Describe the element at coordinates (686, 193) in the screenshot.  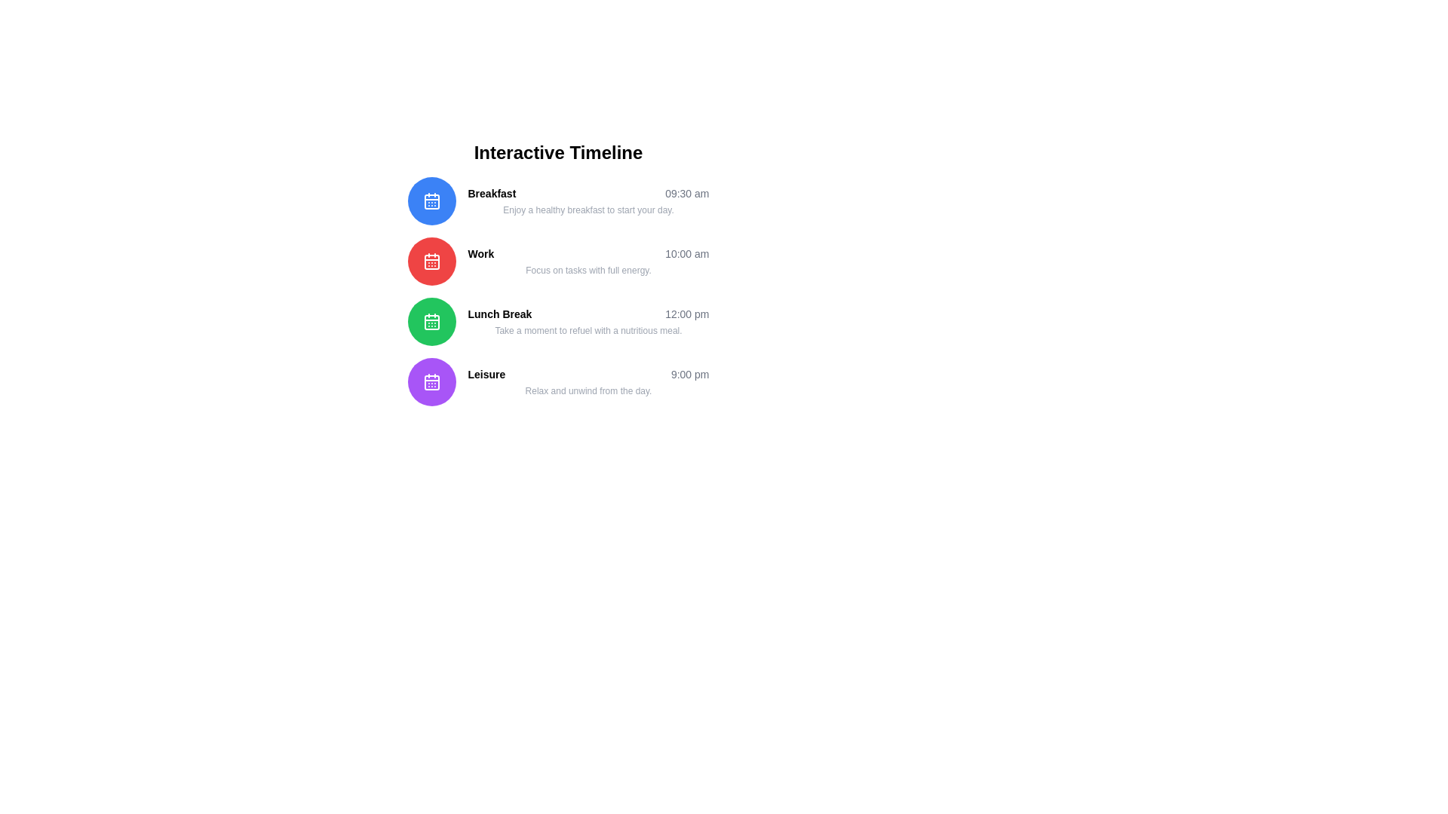
I see `the text label displaying the scheduled time for the 'Breakfast' event, located on the far right side of the 'Breakfast' row in the timeline interface` at that location.